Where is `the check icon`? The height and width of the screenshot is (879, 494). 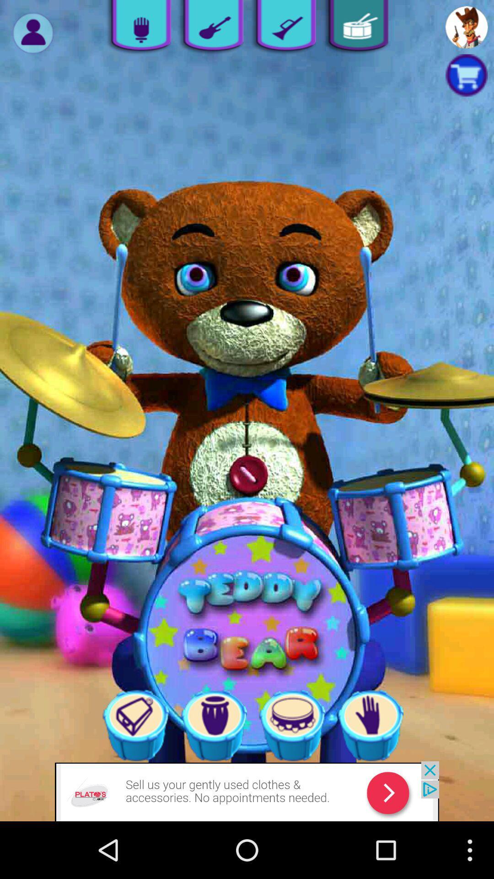
the check icon is located at coordinates (282, 29).